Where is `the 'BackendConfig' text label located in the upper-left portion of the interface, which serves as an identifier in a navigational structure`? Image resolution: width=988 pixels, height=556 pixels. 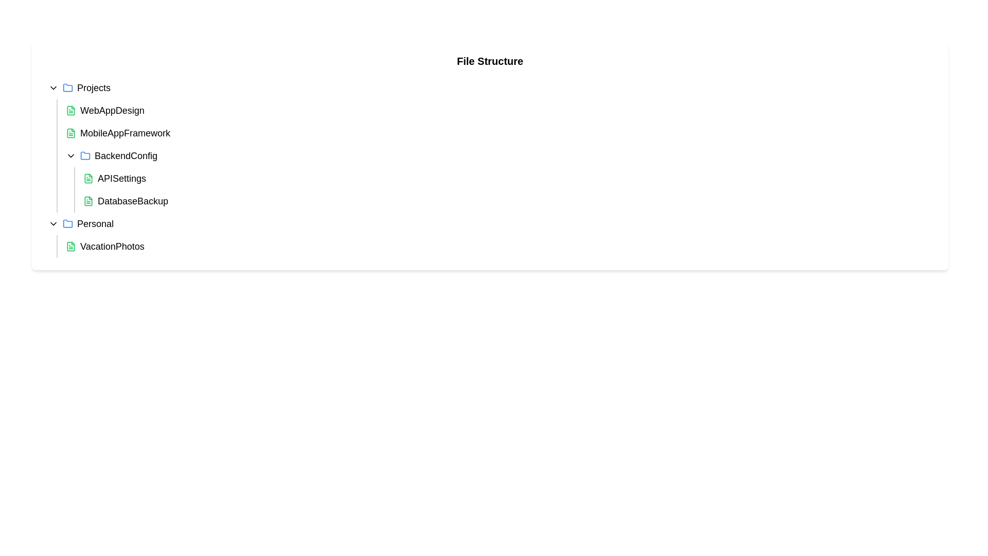
the 'BackendConfig' text label located in the upper-left portion of the interface, which serves as an identifier in a navigational structure is located at coordinates (125, 156).